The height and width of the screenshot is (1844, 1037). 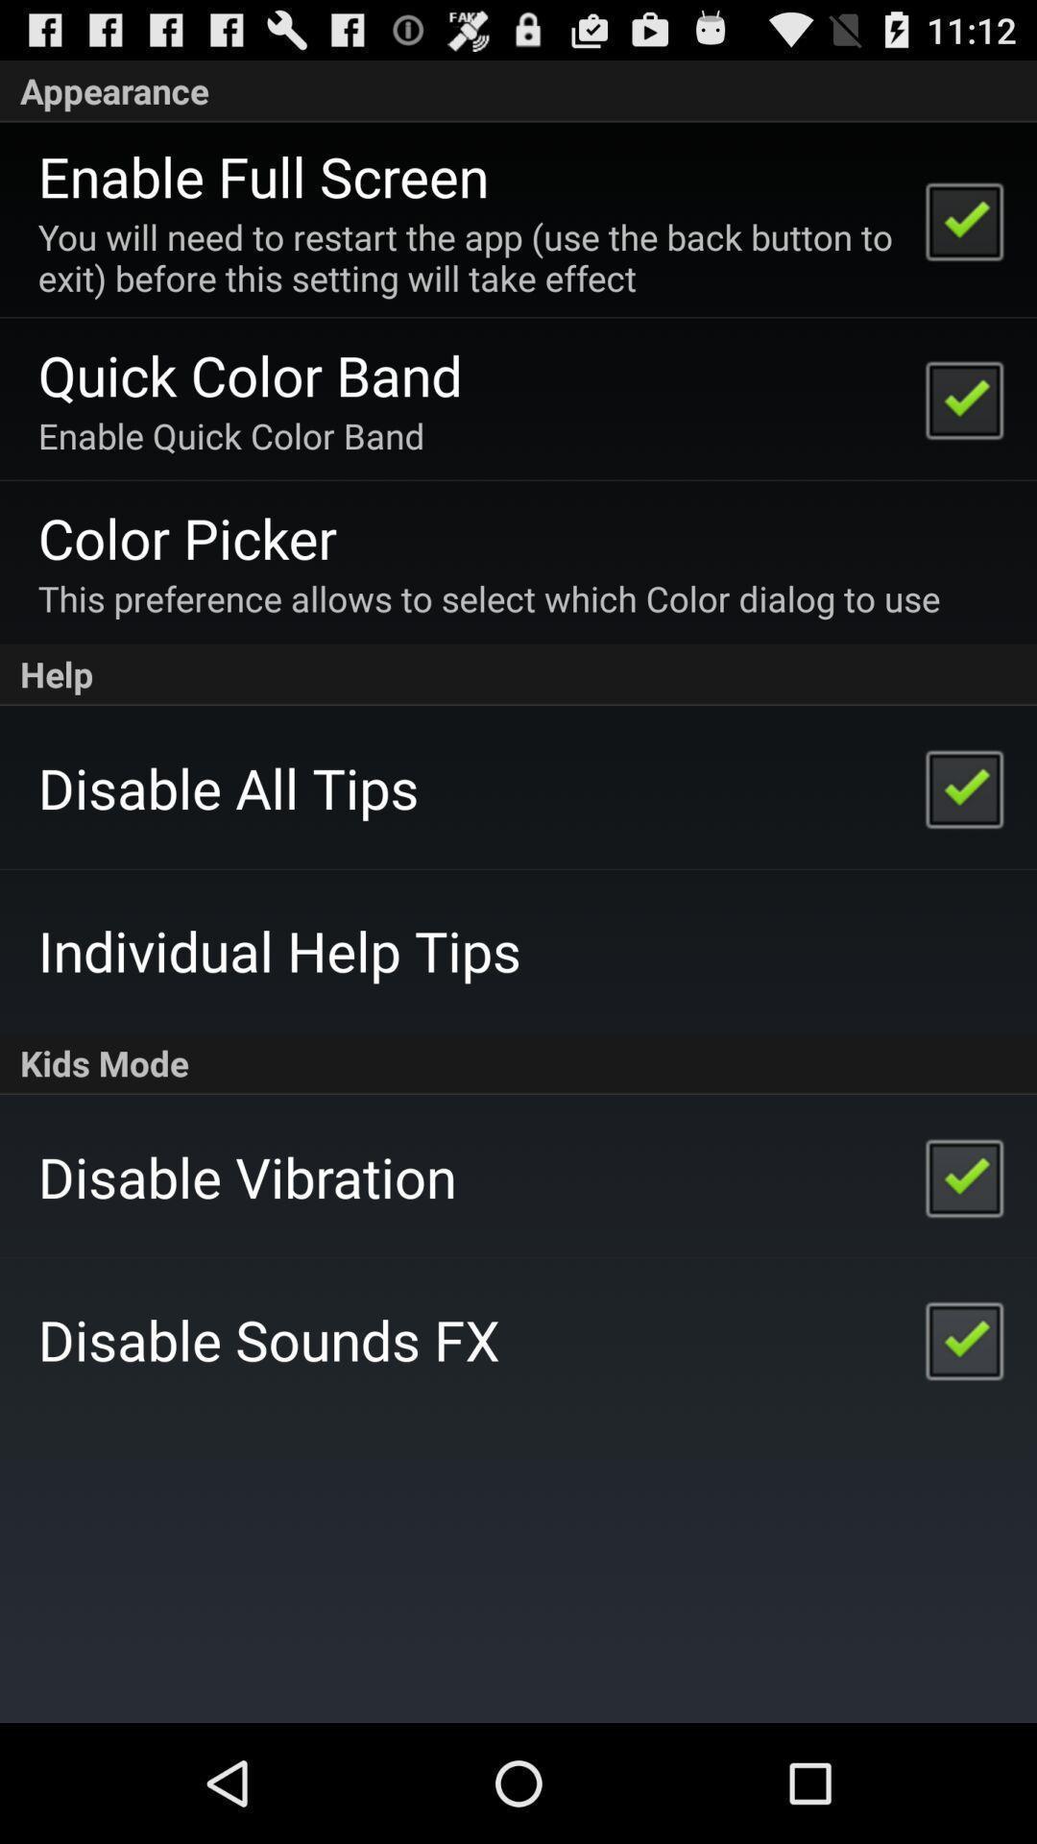 What do you see at coordinates (187, 537) in the screenshot?
I see `item below the enable quick color icon` at bounding box center [187, 537].